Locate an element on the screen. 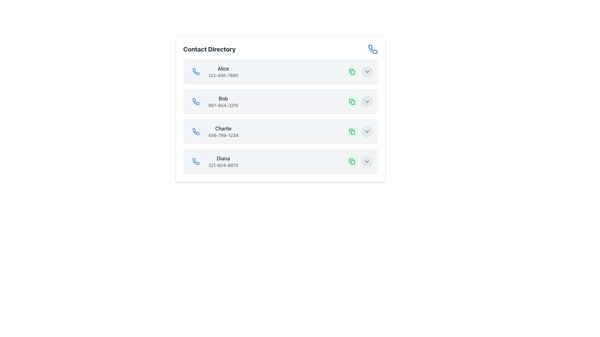 This screenshot has height=337, width=600. the grey circular button with a down-facing chevron is located at coordinates (359, 101).